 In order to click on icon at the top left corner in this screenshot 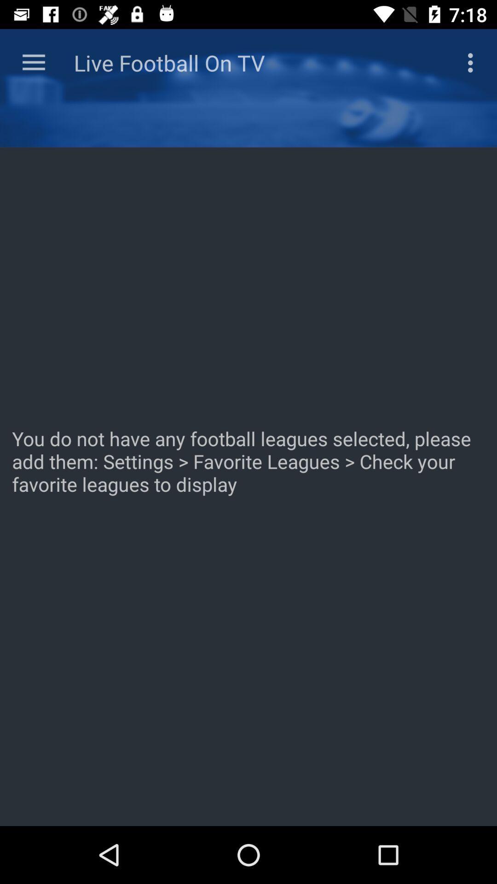, I will do `click(33, 62)`.